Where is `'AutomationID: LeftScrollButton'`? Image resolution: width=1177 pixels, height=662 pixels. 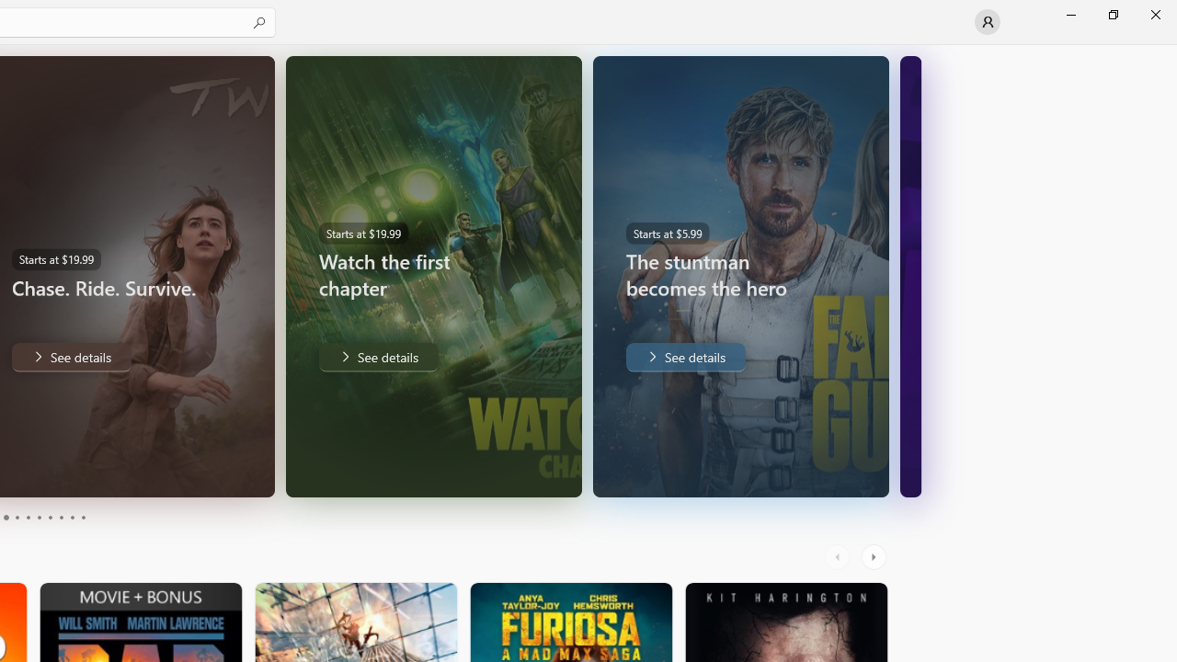
'AutomationID: LeftScrollButton' is located at coordinates (839, 556).